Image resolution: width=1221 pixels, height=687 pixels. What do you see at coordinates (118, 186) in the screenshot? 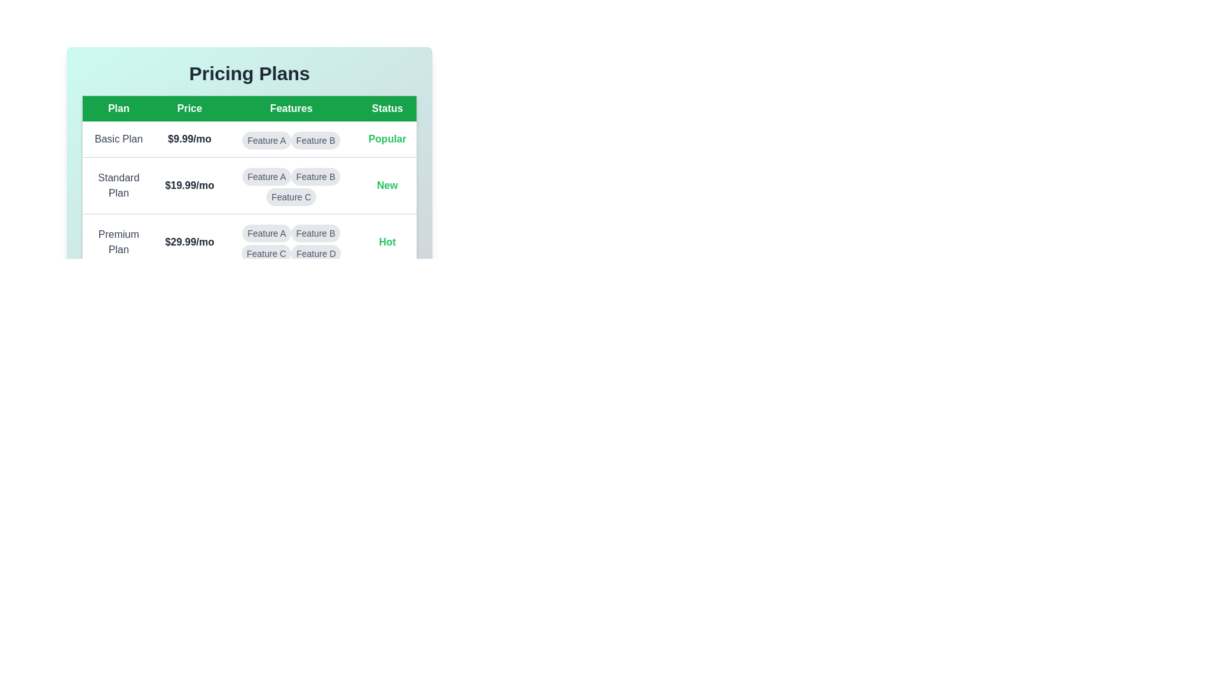
I see `the plan Standard Plan to analyze its features` at bounding box center [118, 186].